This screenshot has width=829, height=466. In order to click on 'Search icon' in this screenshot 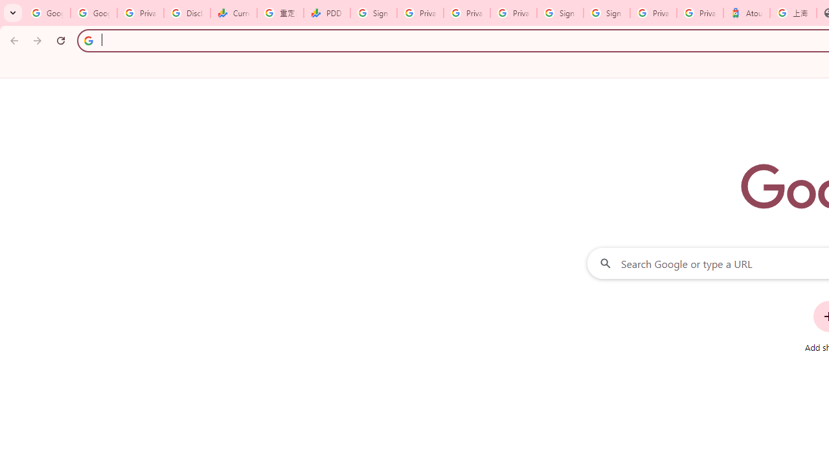, I will do `click(87, 39)`.